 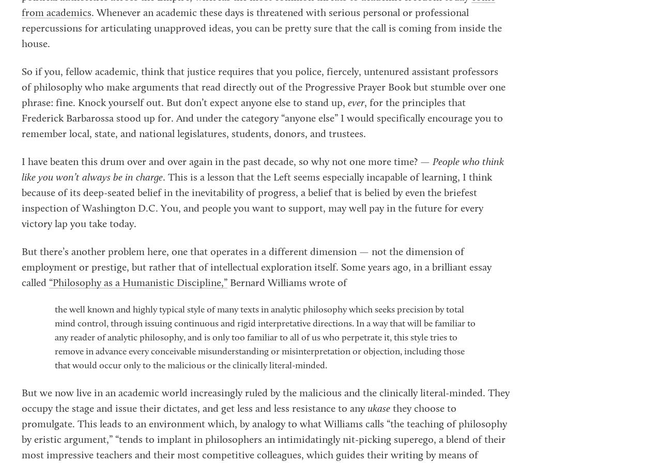 I want to click on '“Philosophy as a Humanistic Discipline,”', so click(x=138, y=283).